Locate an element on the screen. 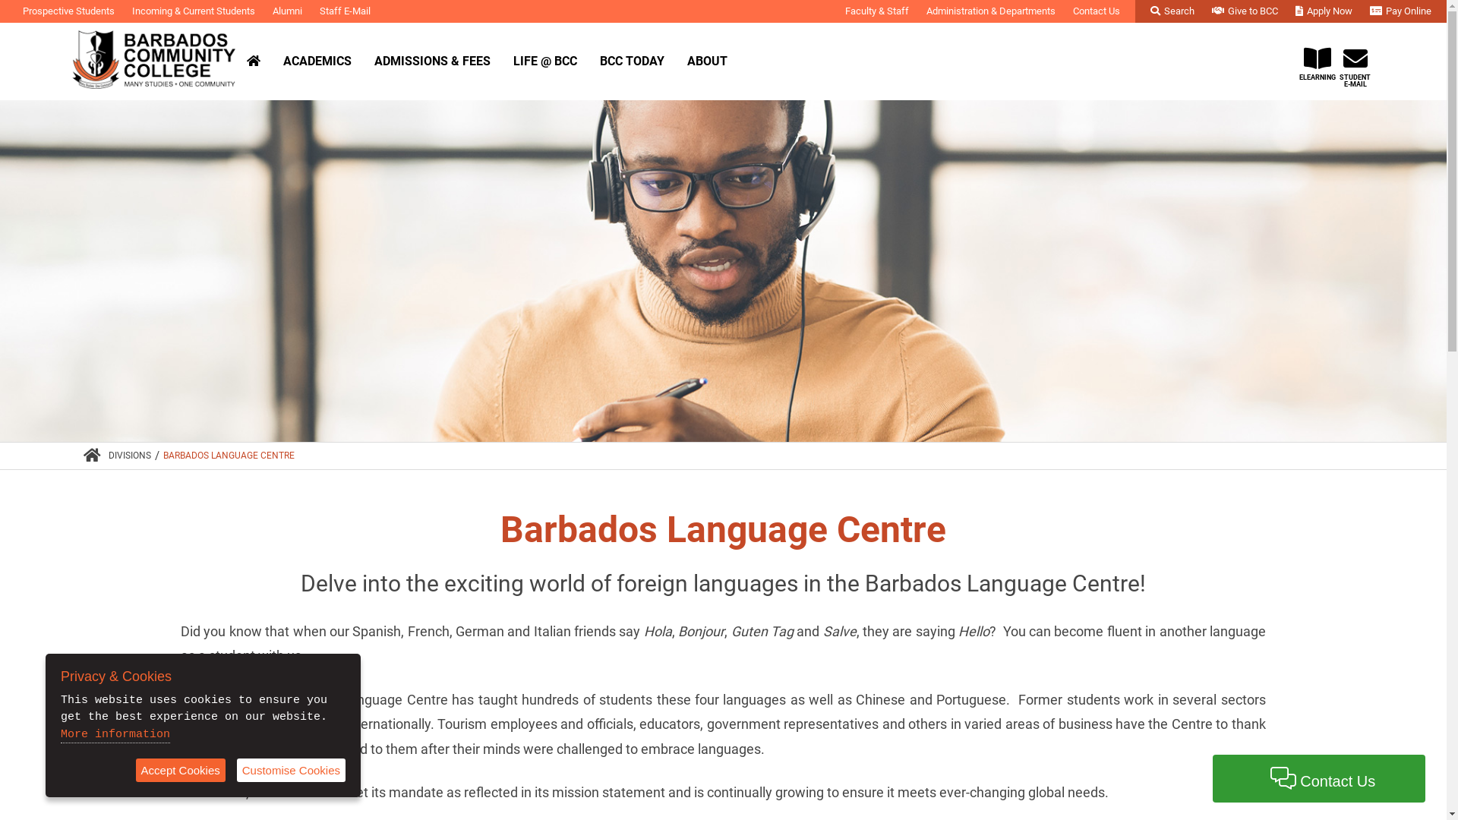  'Pay Online' is located at coordinates (1370, 11).